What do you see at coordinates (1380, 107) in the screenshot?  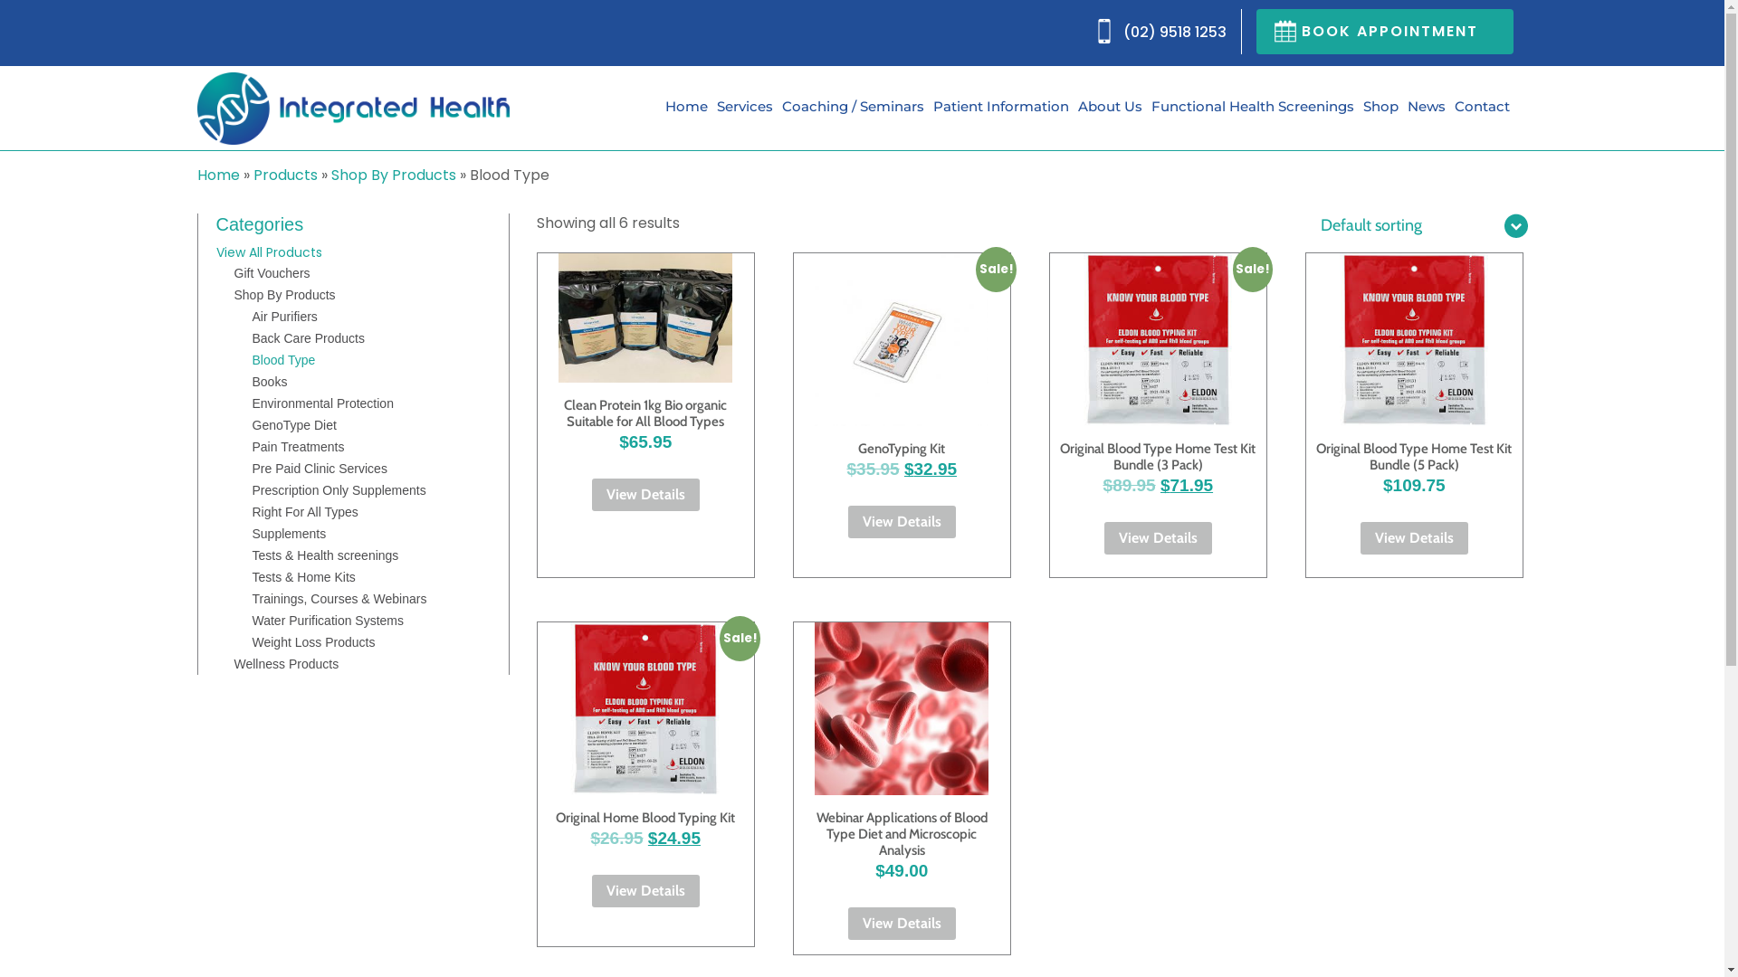 I see `'Shop'` at bounding box center [1380, 107].